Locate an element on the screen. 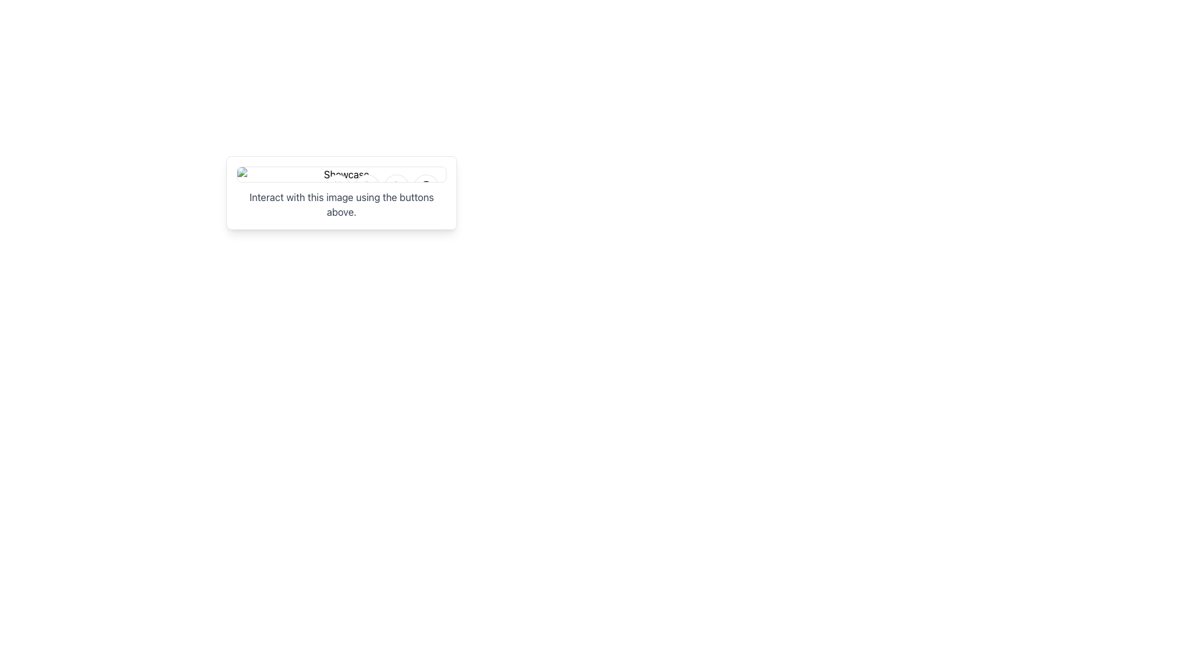  the circular button with an information icon located at the top-right corner of the interface to observe its hover effects is located at coordinates (426, 187).